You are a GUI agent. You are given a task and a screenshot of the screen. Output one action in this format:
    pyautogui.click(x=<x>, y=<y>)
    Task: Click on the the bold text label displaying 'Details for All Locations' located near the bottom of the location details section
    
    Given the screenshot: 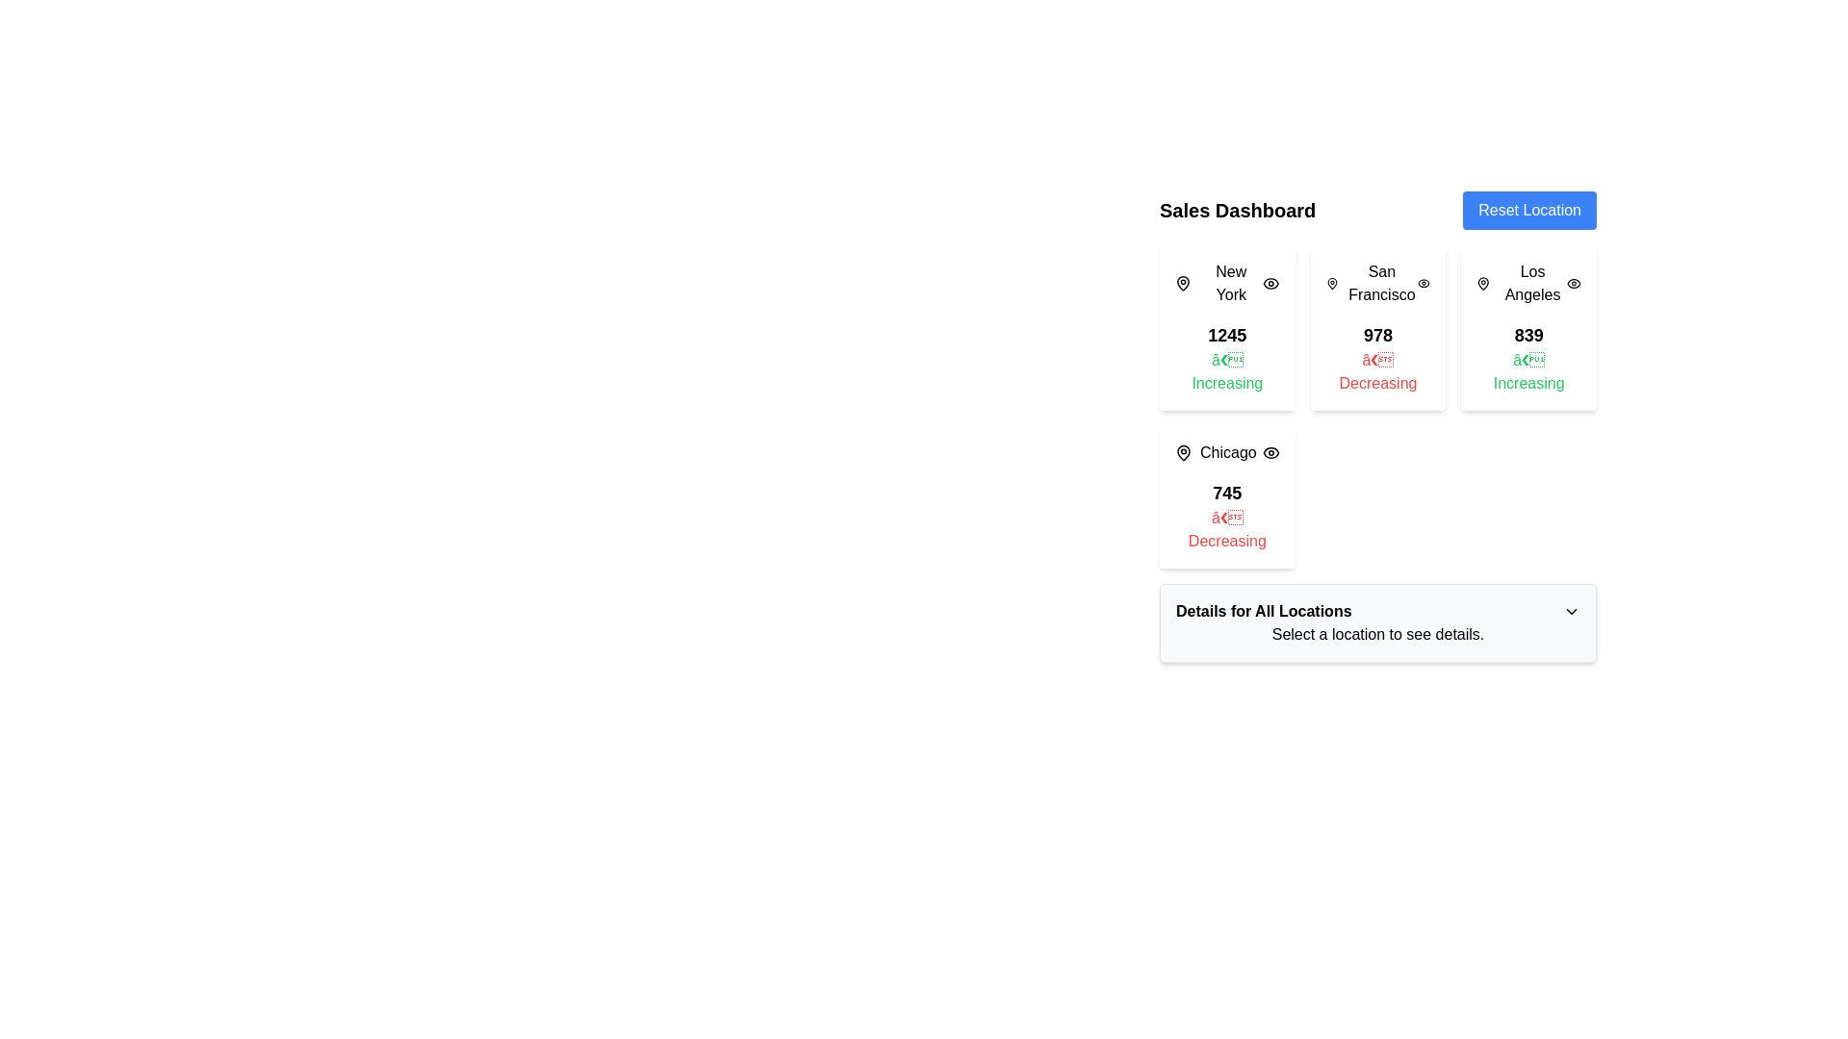 What is the action you would take?
    pyautogui.click(x=1264, y=612)
    